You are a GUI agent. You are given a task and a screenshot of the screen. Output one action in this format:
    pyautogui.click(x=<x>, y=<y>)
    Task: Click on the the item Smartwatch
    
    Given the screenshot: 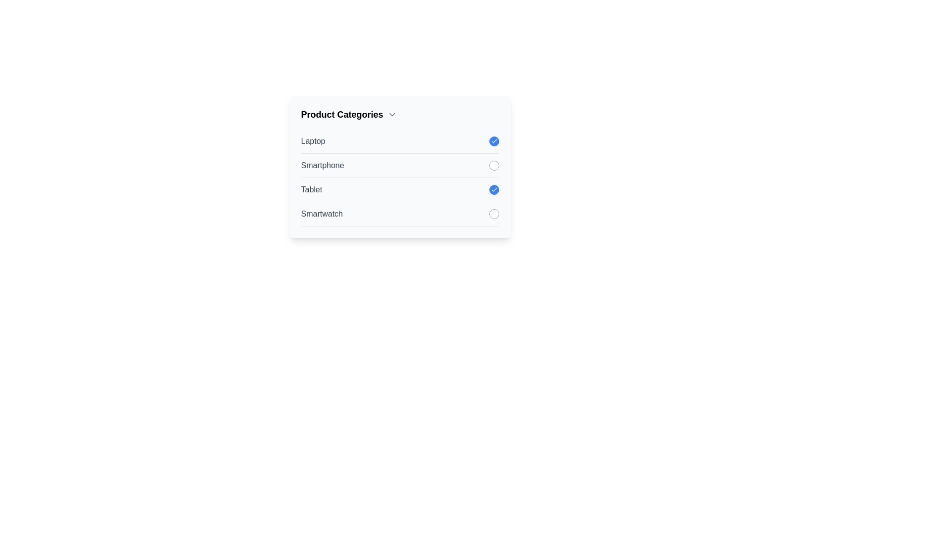 What is the action you would take?
    pyautogui.click(x=494, y=213)
    